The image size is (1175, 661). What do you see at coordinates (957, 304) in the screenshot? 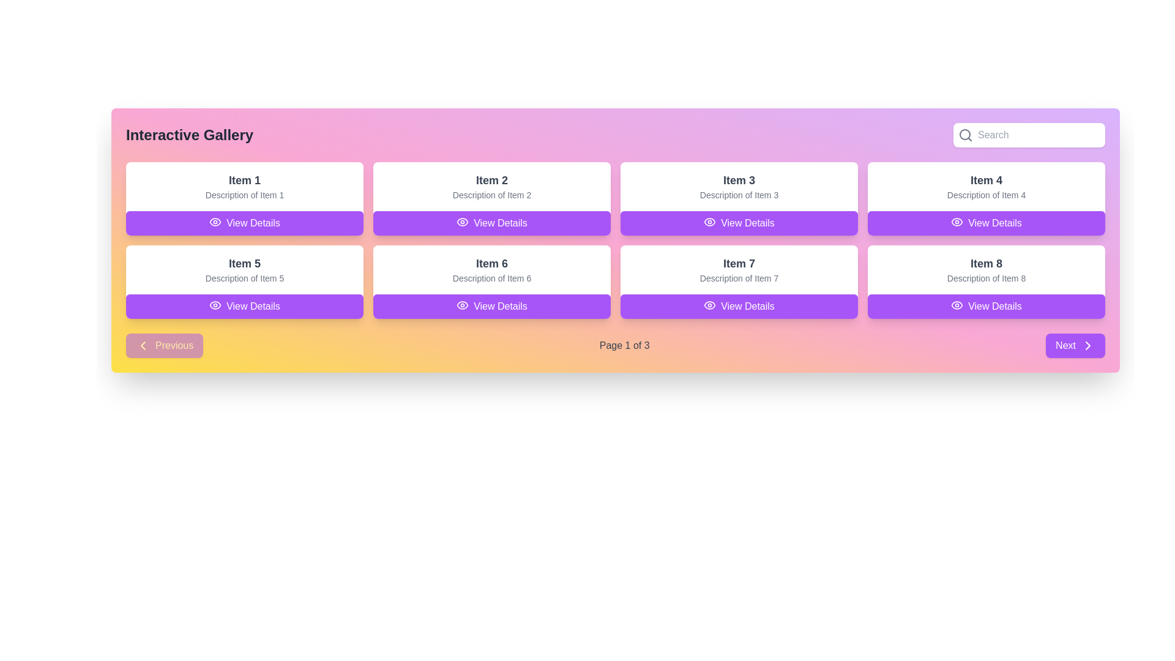
I see `the eye icon located within the 'View Details' button for 'Item 8' in the lower-right corner of the grid layout` at bounding box center [957, 304].